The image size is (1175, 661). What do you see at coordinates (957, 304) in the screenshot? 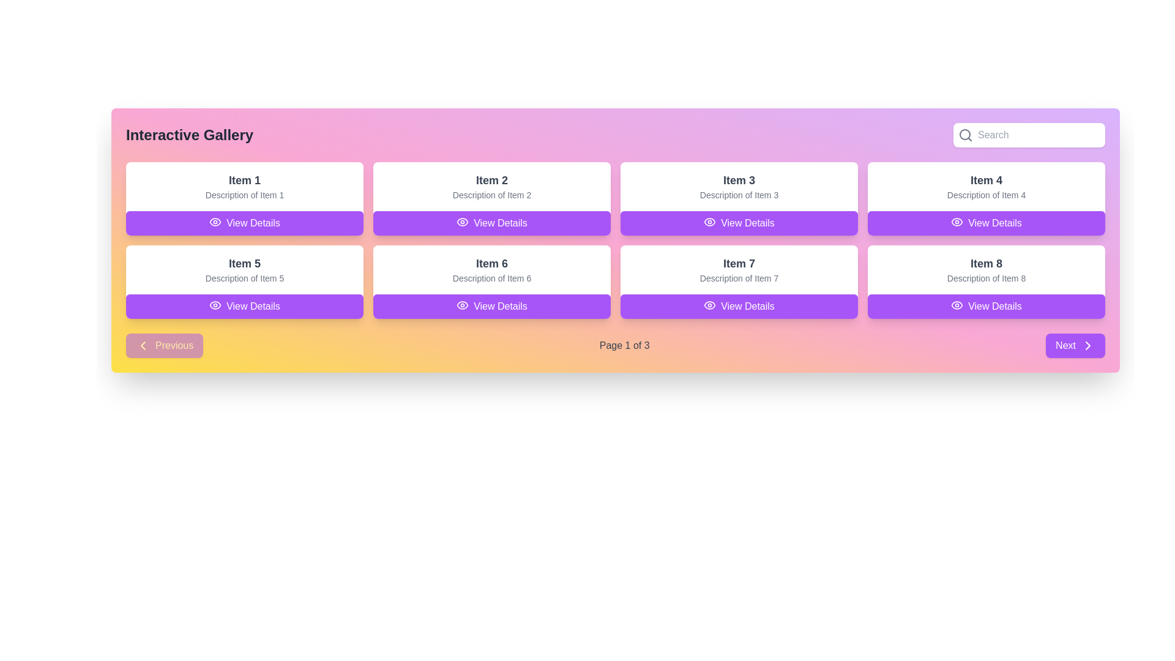
I see `the eye icon located within the 'View Details' button for 'Item 8' in the lower-right corner of the grid layout` at bounding box center [957, 304].